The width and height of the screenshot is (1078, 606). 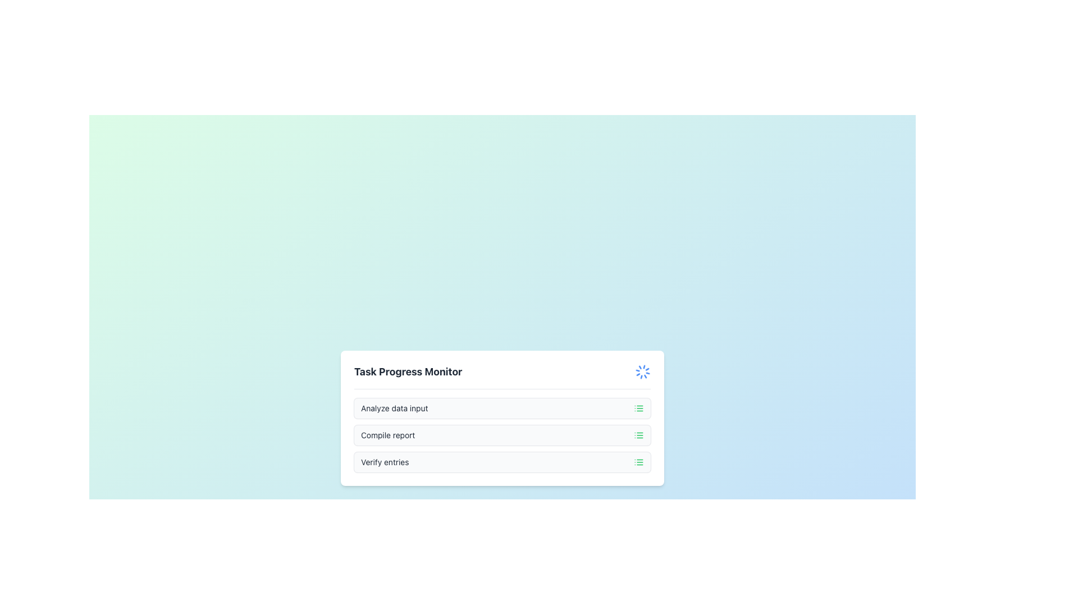 What do you see at coordinates (638, 434) in the screenshot?
I see `the Icon Button located at the right end of the row labeled 'Compile report' in the 'Task Progress Monitor' section` at bounding box center [638, 434].